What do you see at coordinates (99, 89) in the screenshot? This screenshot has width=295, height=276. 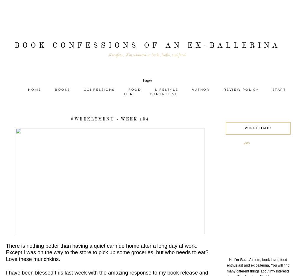 I see `'Confessions'` at bounding box center [99, 89].